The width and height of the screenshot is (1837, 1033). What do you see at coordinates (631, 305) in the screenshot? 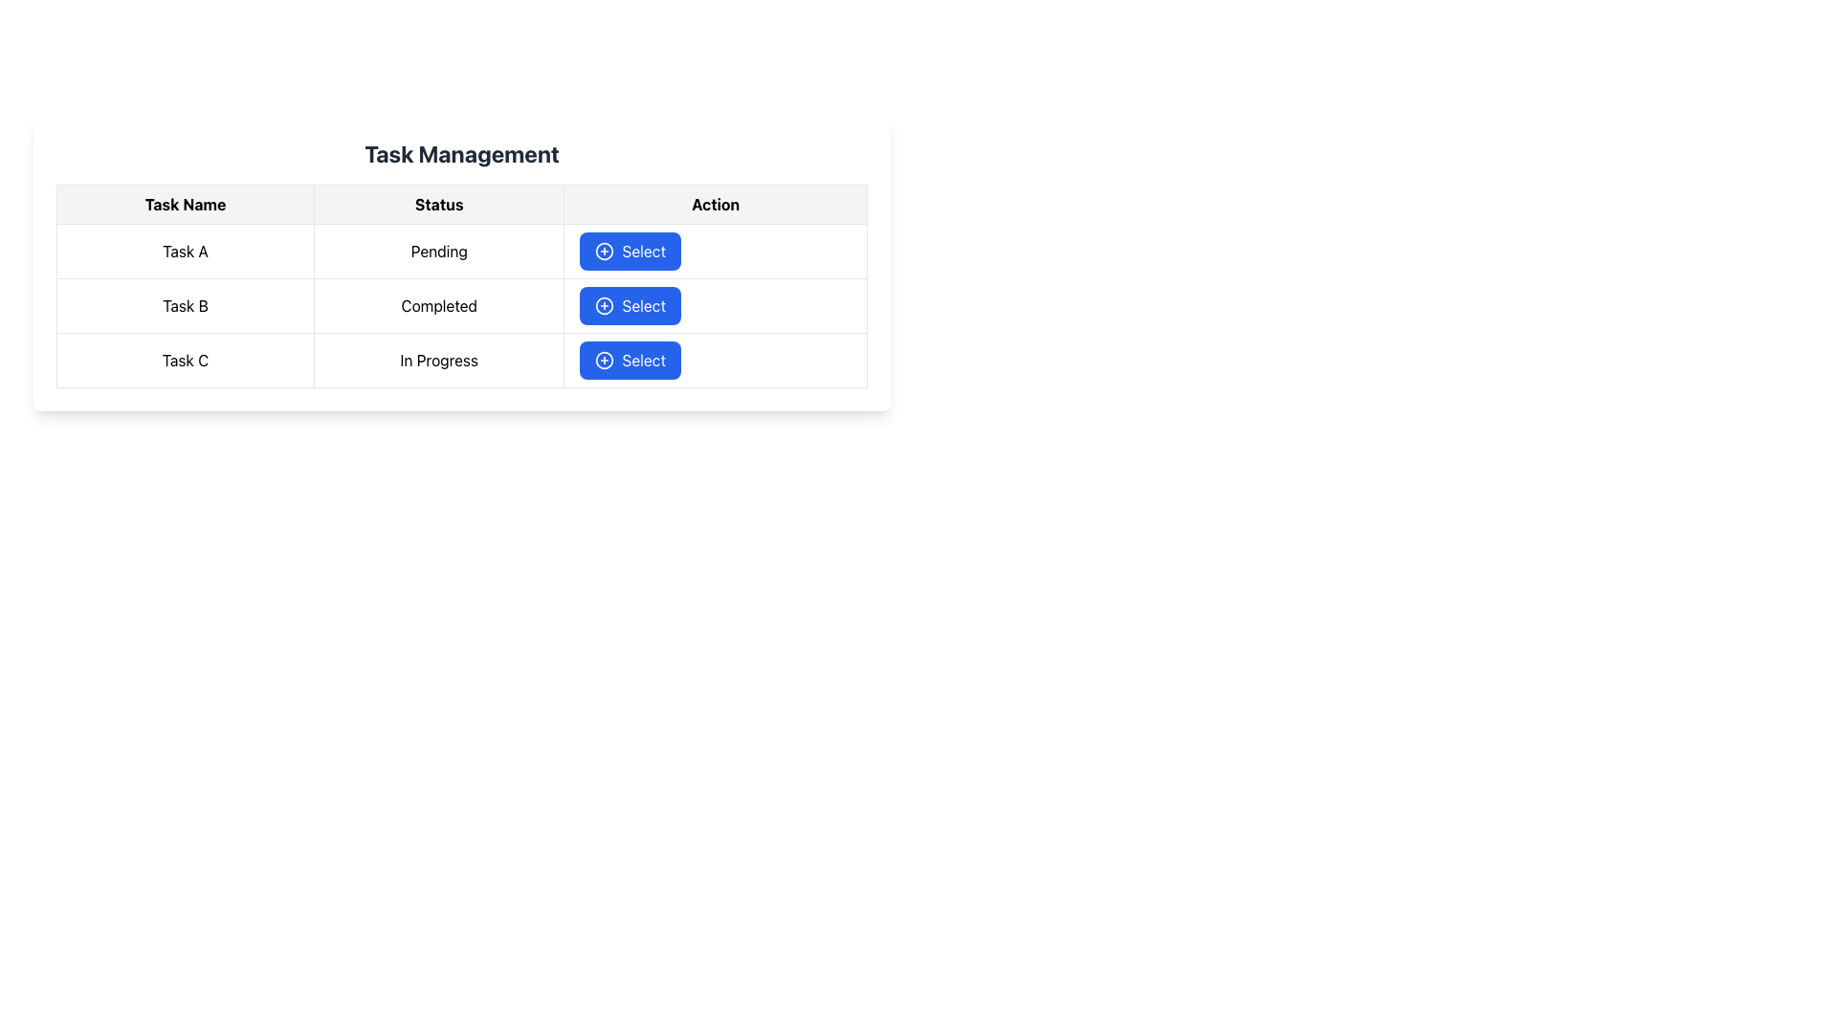
I see `the button with a blue background and white text reading 'Select' located in the 'Action' column of the second row under 'Task Management', corresponding to 'Task B' with a status of 'Completed'` at bounding box center [631, 305].